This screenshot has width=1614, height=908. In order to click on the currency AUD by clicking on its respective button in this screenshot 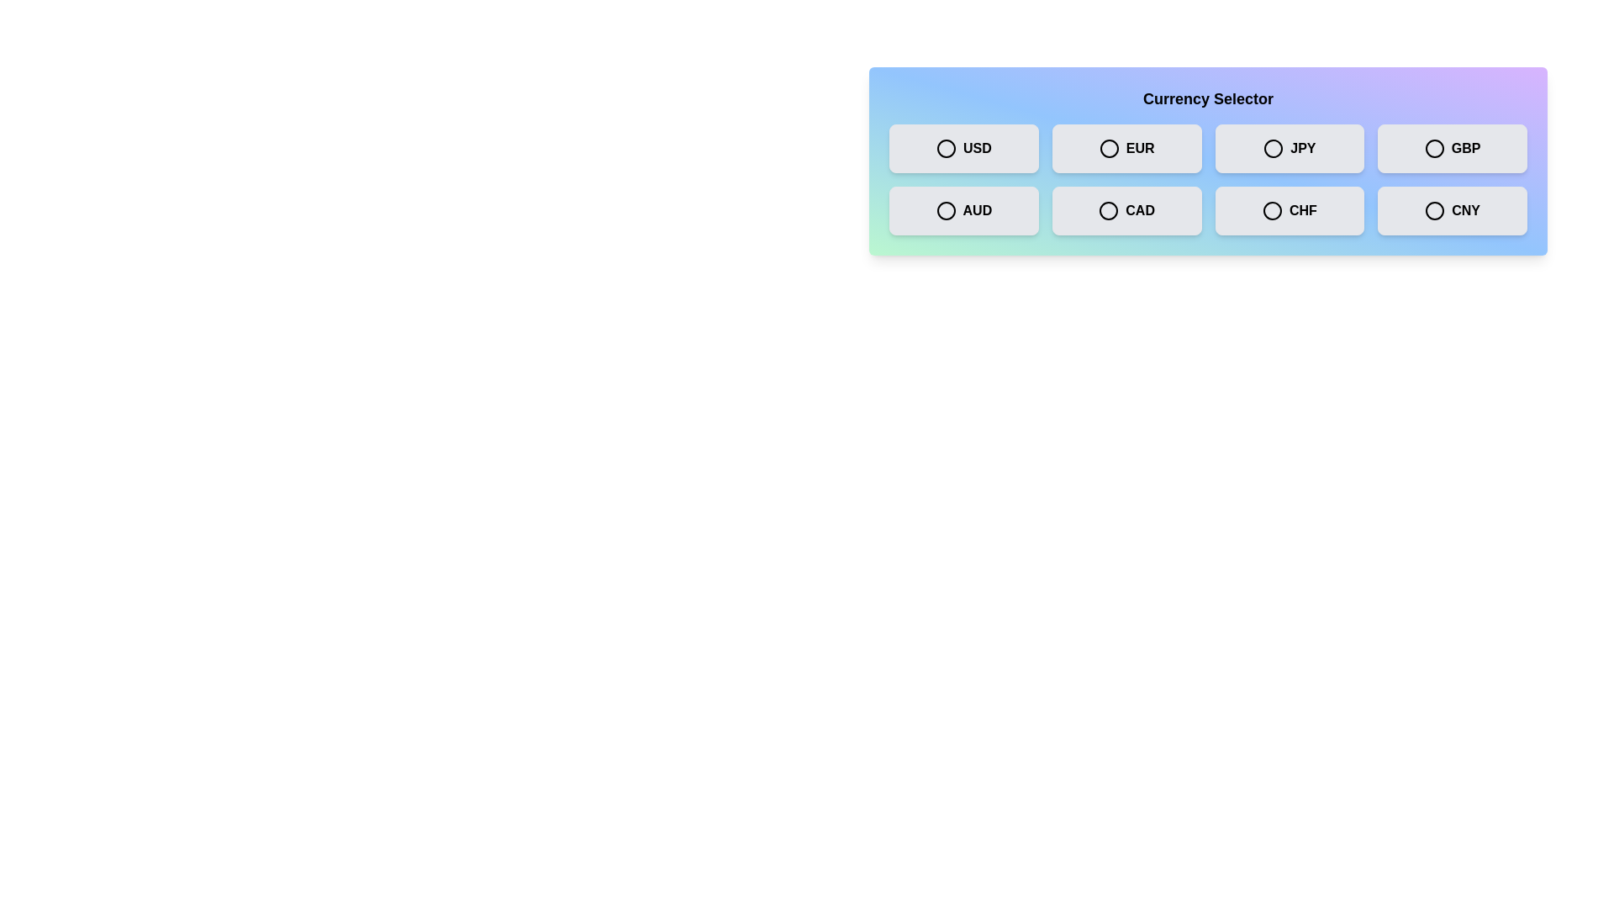, I will do `click(963, 209)`.